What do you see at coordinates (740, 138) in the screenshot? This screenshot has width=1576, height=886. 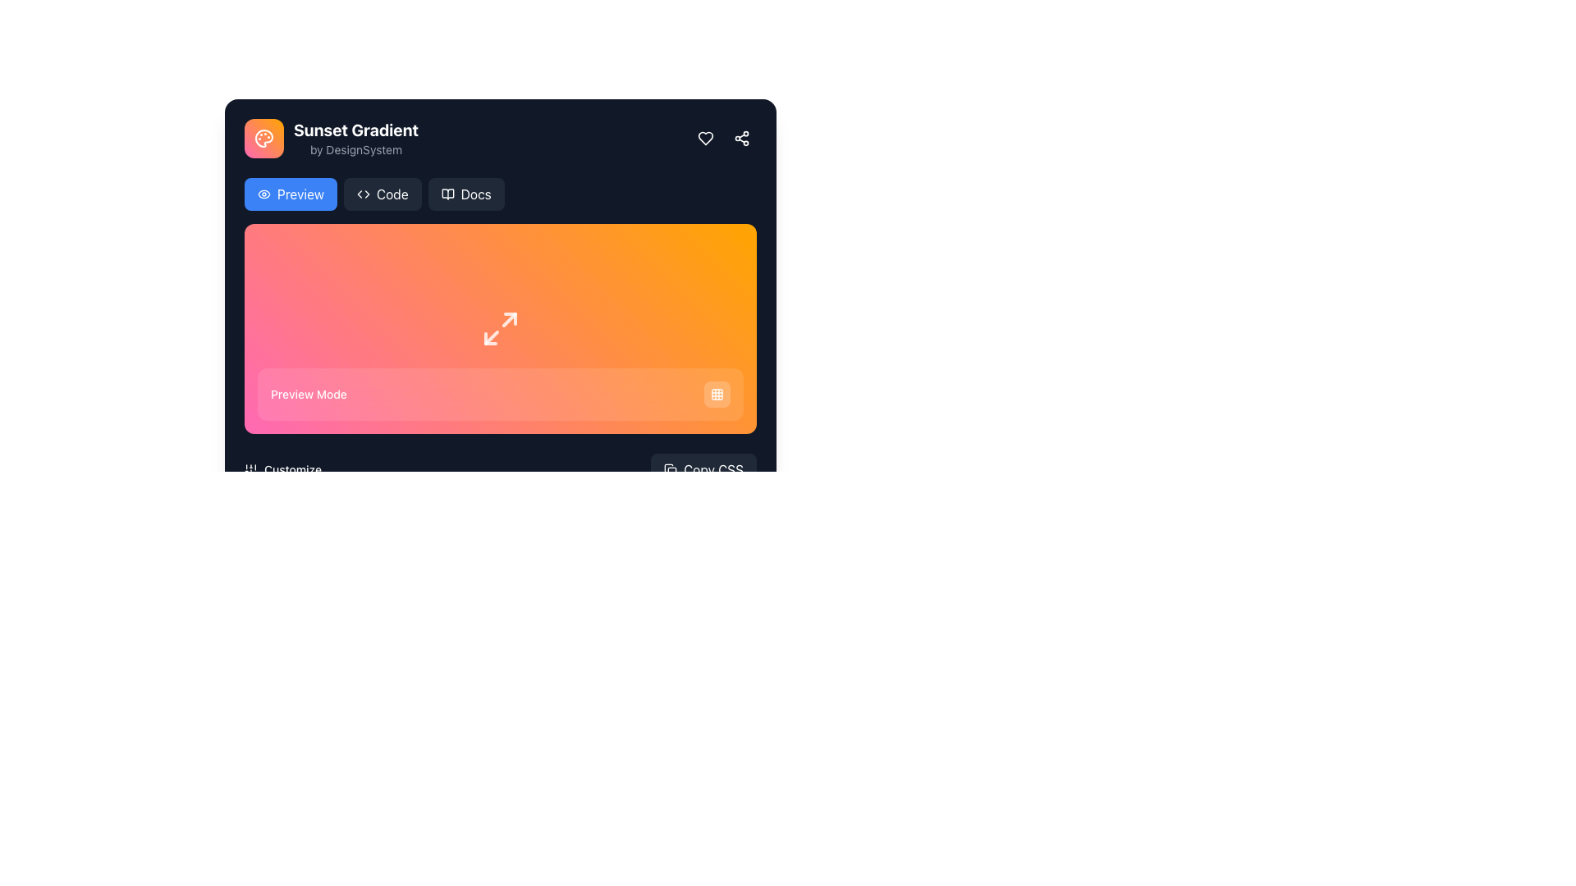 I see `the rounded square button with a share symbol inside, located in the top-right corner of the card interface, to share the content` at bounding box center [740, 138].